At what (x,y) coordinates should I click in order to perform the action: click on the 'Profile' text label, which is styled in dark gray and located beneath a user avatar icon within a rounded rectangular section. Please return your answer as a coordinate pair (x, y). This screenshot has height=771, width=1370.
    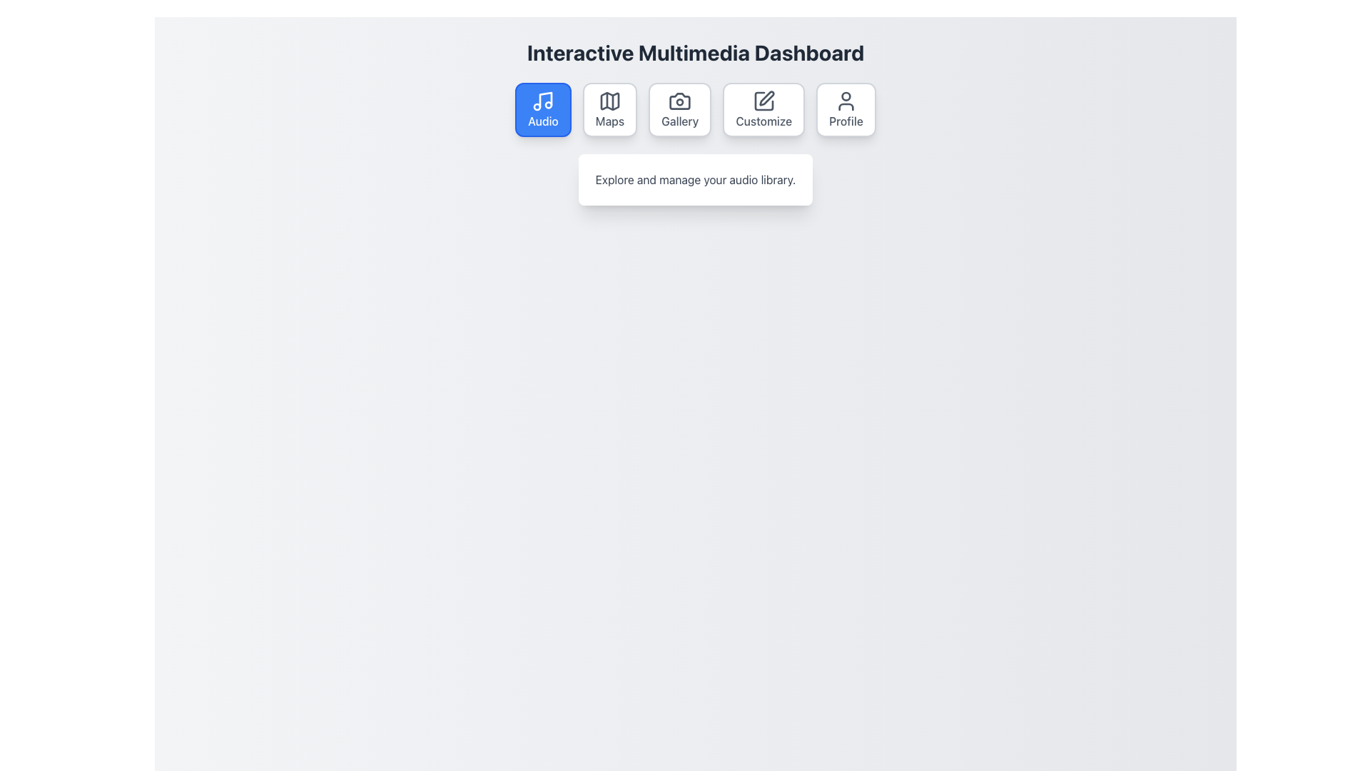
    Looking at the image, I should click on (846, 120).